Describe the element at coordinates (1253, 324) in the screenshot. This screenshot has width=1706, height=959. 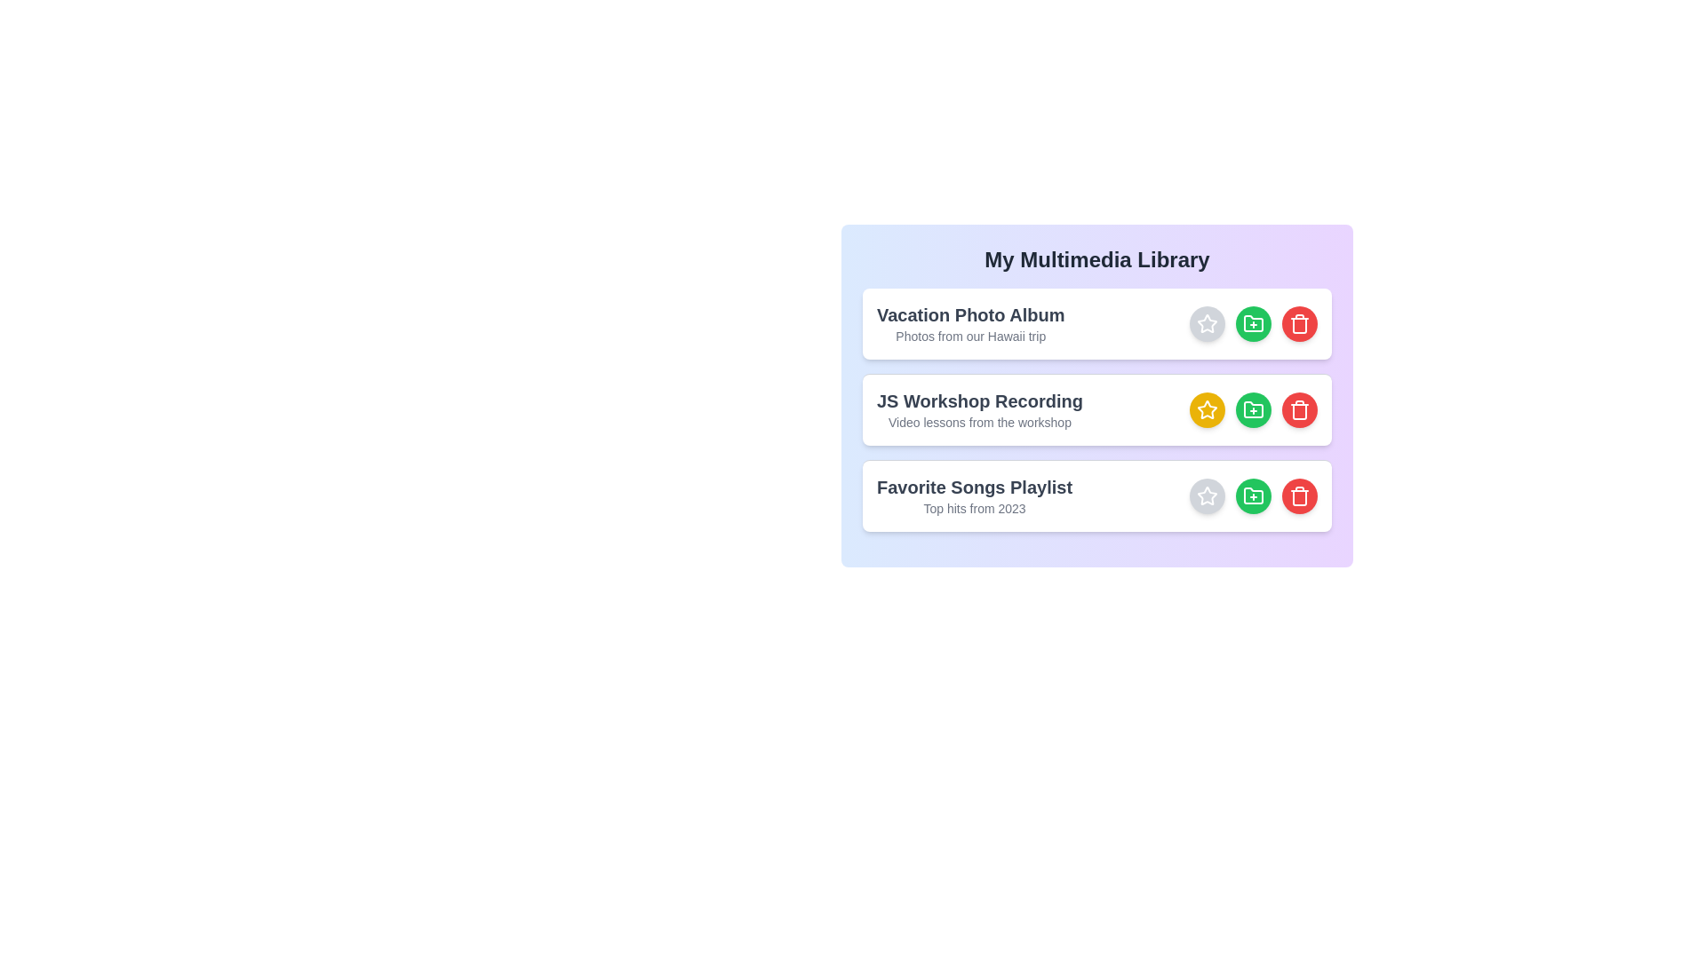
I see `the green circular button with a folder and plus icon for keyboard navigation` at that location.